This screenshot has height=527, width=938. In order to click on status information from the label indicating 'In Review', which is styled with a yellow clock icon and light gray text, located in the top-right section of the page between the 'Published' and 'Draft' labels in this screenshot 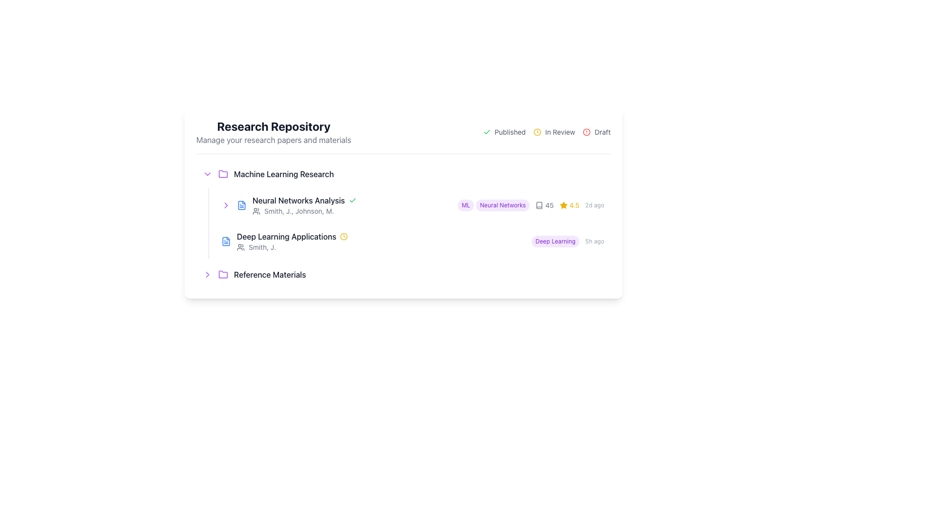, I will do `click(554, 132)`.